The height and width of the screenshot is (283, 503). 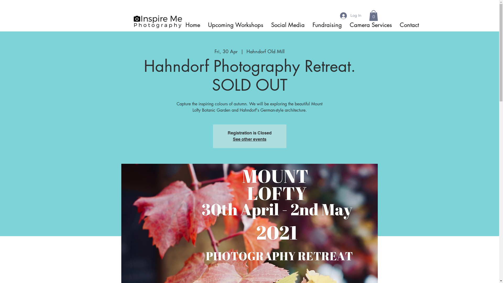 I want to click on 'Home', so click(x=192, y=25).